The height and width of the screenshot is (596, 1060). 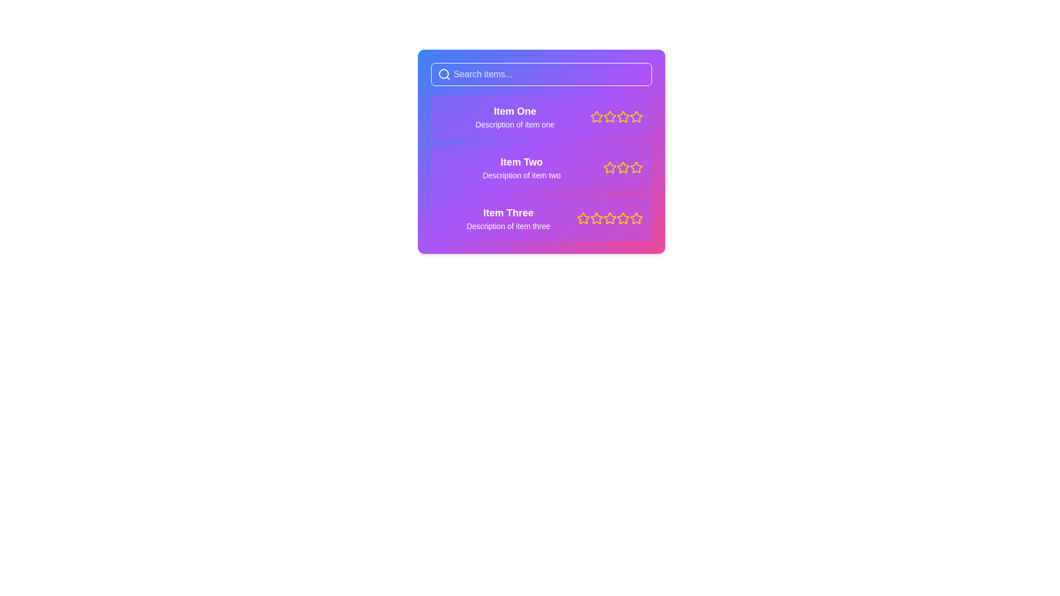 I want to click on the second star-shaped icon with a yellow outline, located next to the first item's title and description in a vertically stacked list, so click(x=609, y=117).